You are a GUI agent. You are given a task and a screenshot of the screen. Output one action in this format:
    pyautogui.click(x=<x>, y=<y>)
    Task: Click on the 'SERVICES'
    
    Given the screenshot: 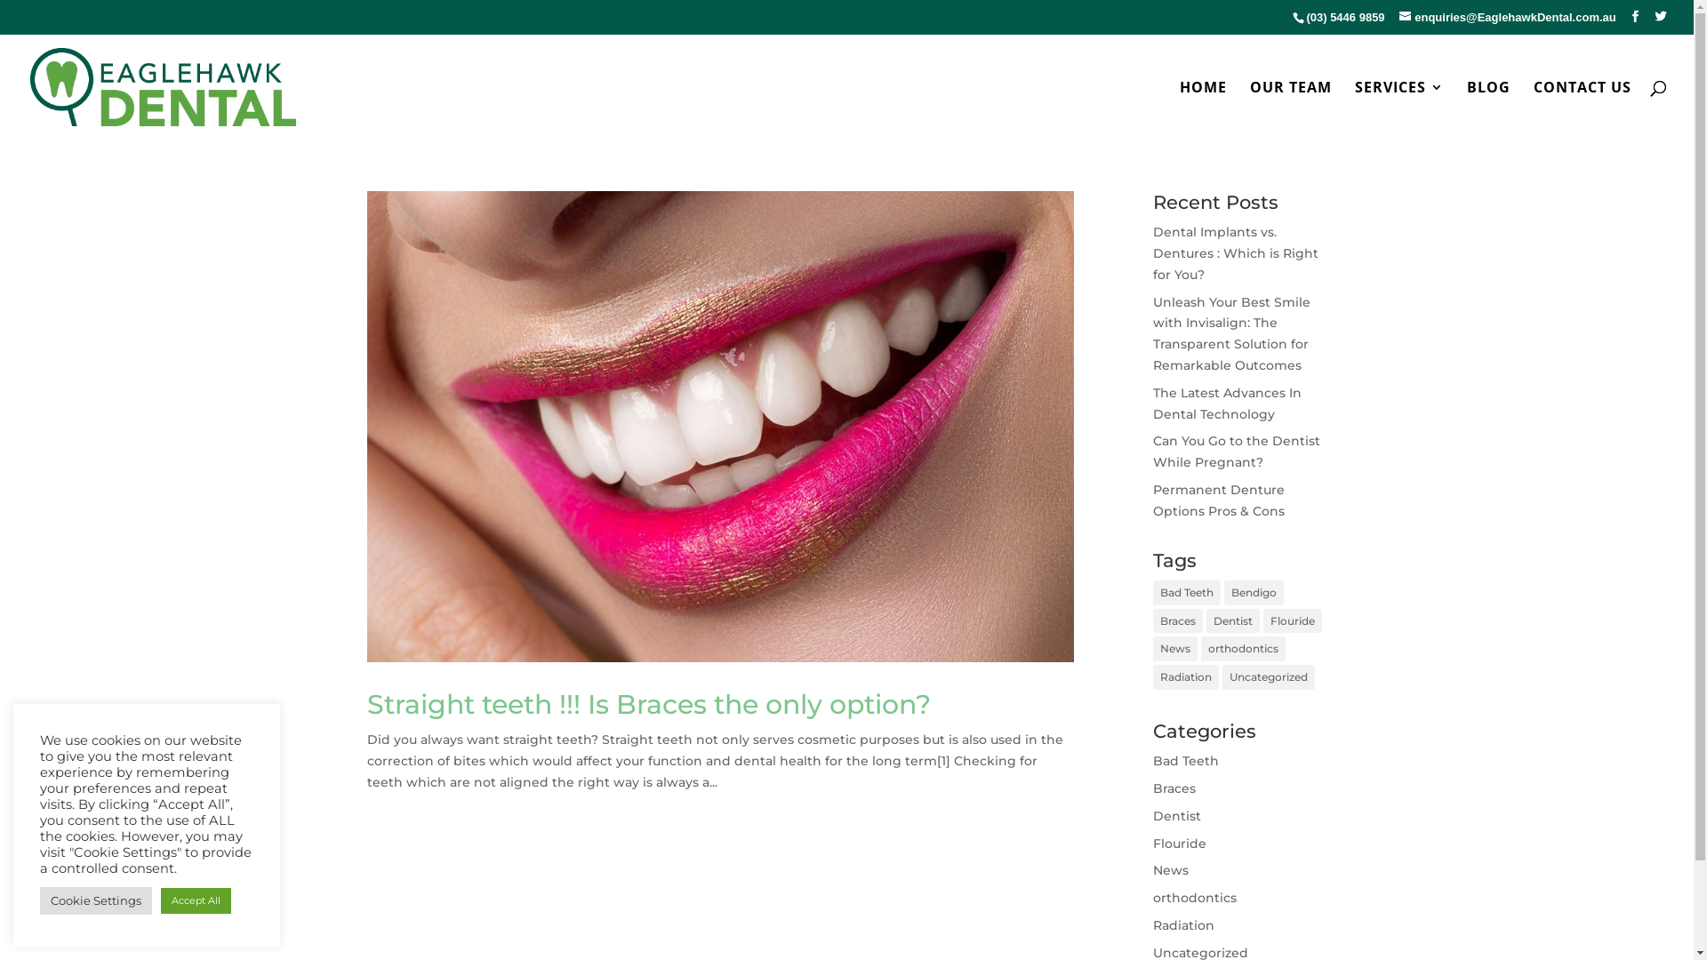 What is the action you would take?
    pyautogui.click(x=1398, y=109)
    